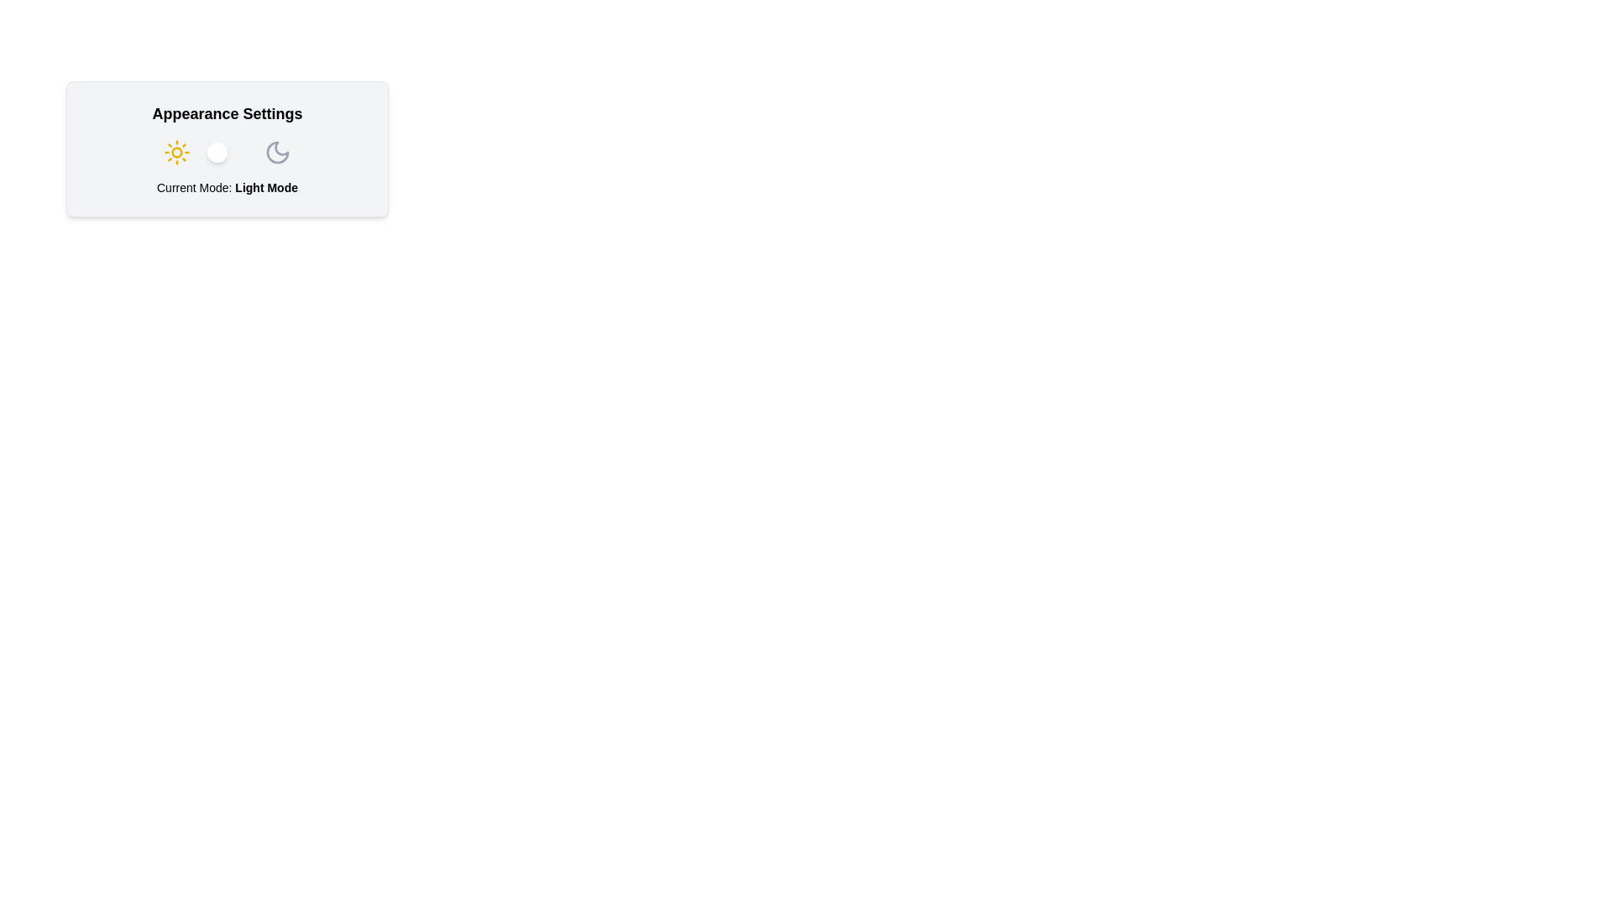 The width and height of the screenshot is (1612, 906). Describe the element at coordinates (278, 152) in the screenshot. I see `the dark mode icon located at the rightmost position among display settings icons to switch to dark mode` at that location.